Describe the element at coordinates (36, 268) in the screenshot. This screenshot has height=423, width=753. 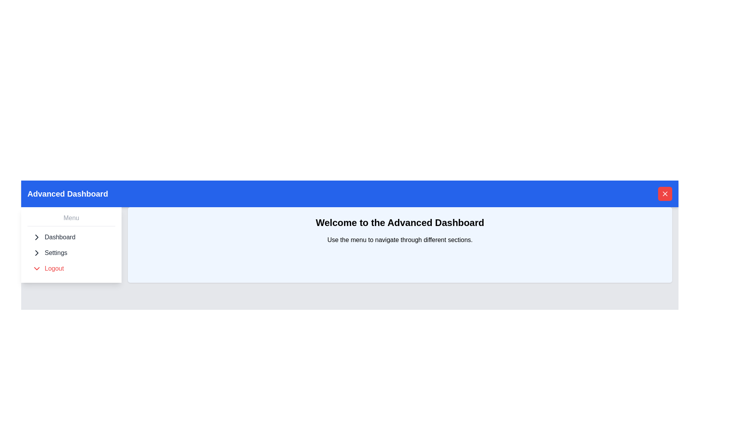
I see `the downward-pointing chevron icon located immediately to the left of the 'Logout' text` at that location.